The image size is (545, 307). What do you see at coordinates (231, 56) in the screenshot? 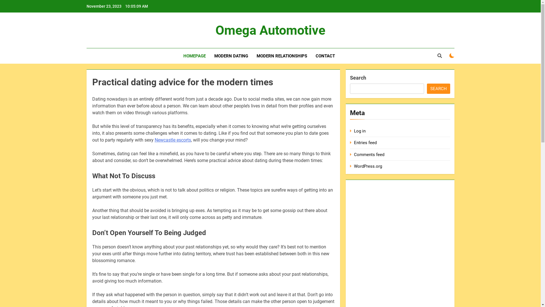
I see `'MODERN DATING'` at bounding box center [231, 56].